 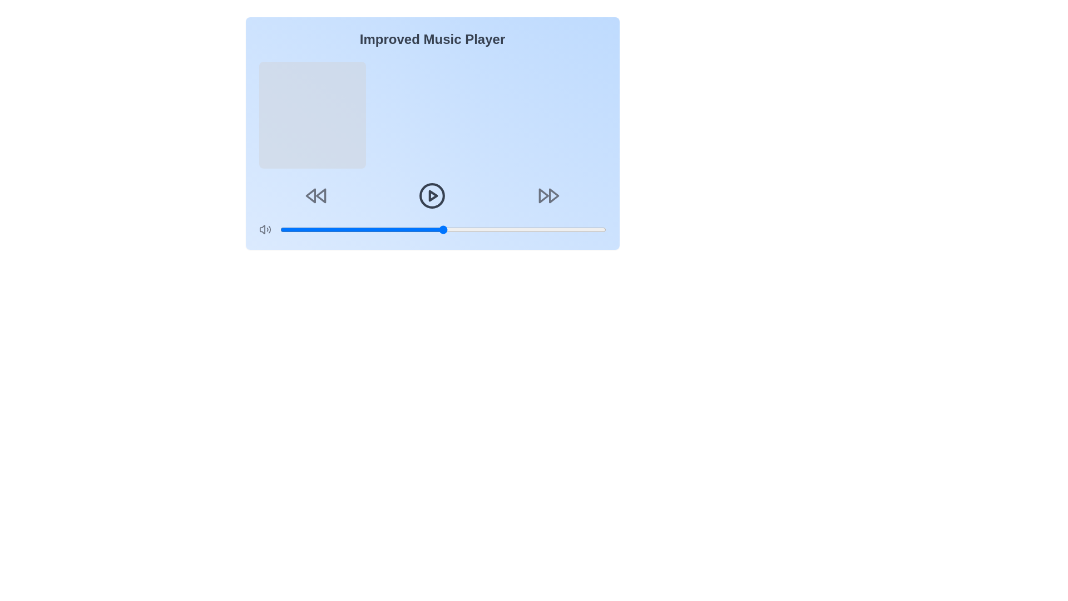 What do you see at coordinates (397, 229) in the screenshot?
I see `the volume` at bounding box center [397, 229].